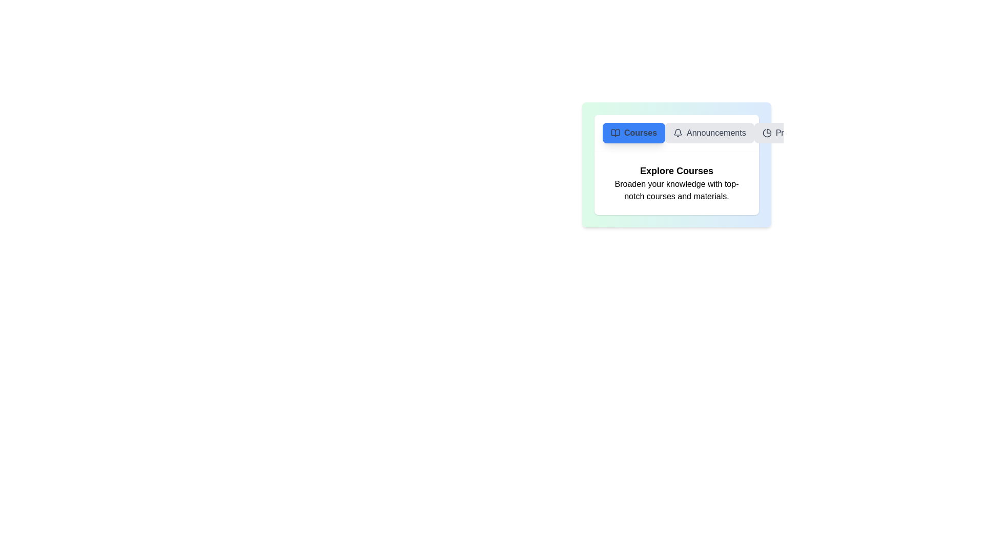 This screenshot has width=984, height=553. Describe the element at coordinates (678, 132) in the screenshot. I see `the bell-shaped notification icon located at the rightmost side of the horizontal tab section above the 'Explore Courses' content card` at that location.